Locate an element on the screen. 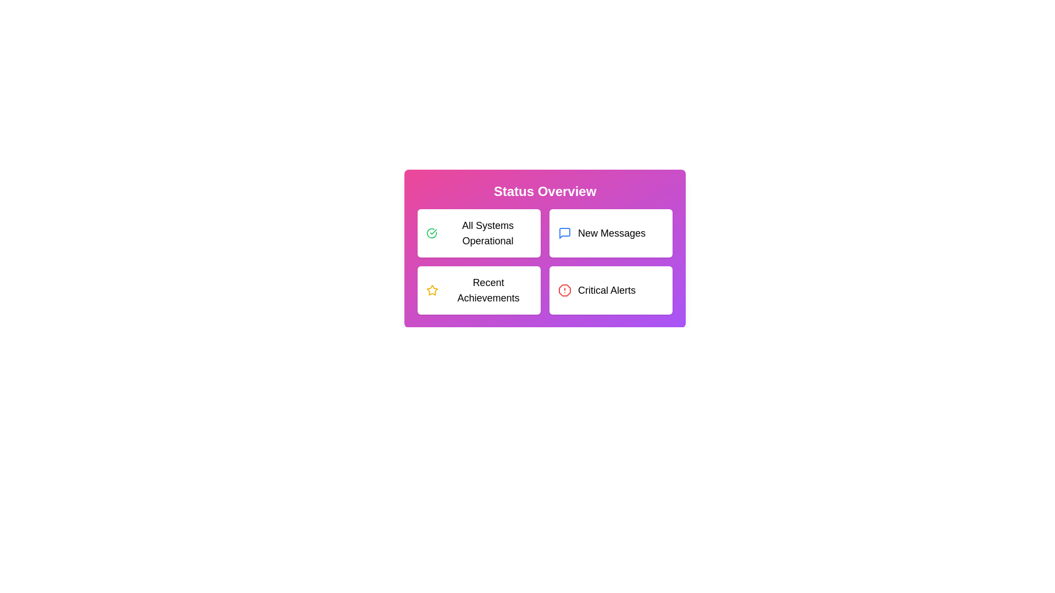  the operational status icon located in the top-left card of the 'Status Overview' section, which is situated to the left of the text 'All Systems Operational' is located at coordinates (431, 232).